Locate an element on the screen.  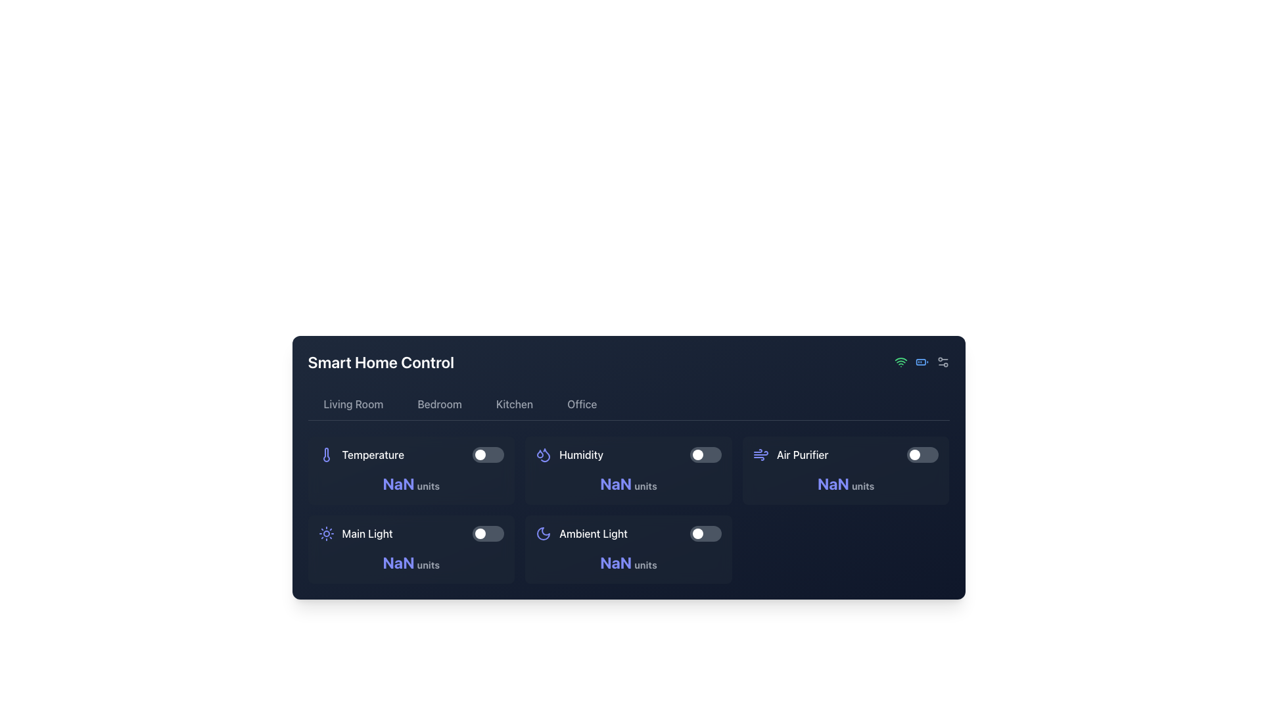
the toggle switch to change the state of the 'Ambient Light' feature, which is located to the right of the label text within the settings group is located at coordinates (705, 534).